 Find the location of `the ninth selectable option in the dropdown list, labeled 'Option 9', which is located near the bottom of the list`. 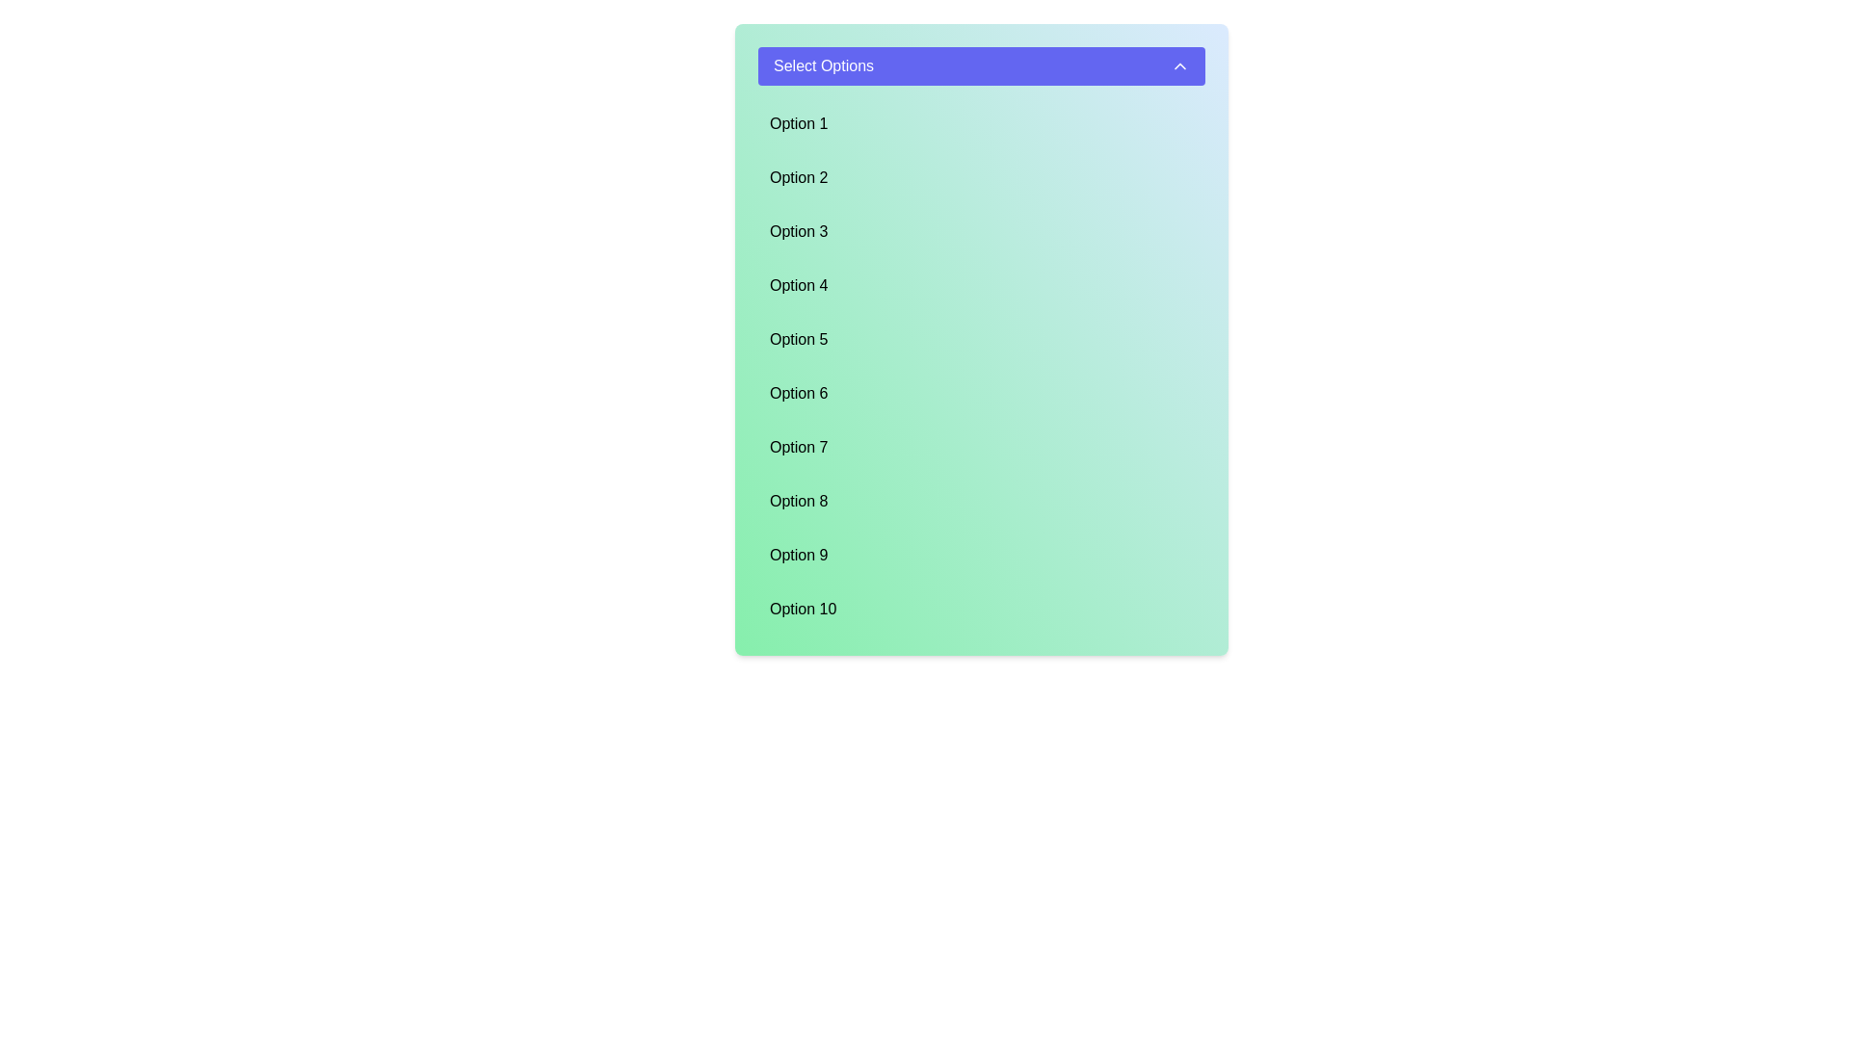

the ninth selectable option in the dropdown list, labeled 'Option 9', which is located near the bottom of the list is located at coordinates (799, 556).